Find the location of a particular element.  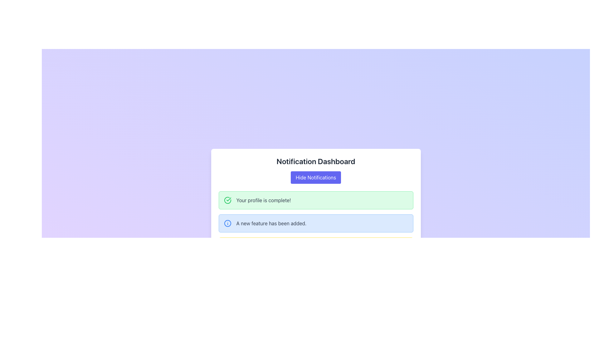

the confirmation icon located at the leftmost position within the green notification box that states 'Your profile is complete!' is located at coordinates (227, 200).